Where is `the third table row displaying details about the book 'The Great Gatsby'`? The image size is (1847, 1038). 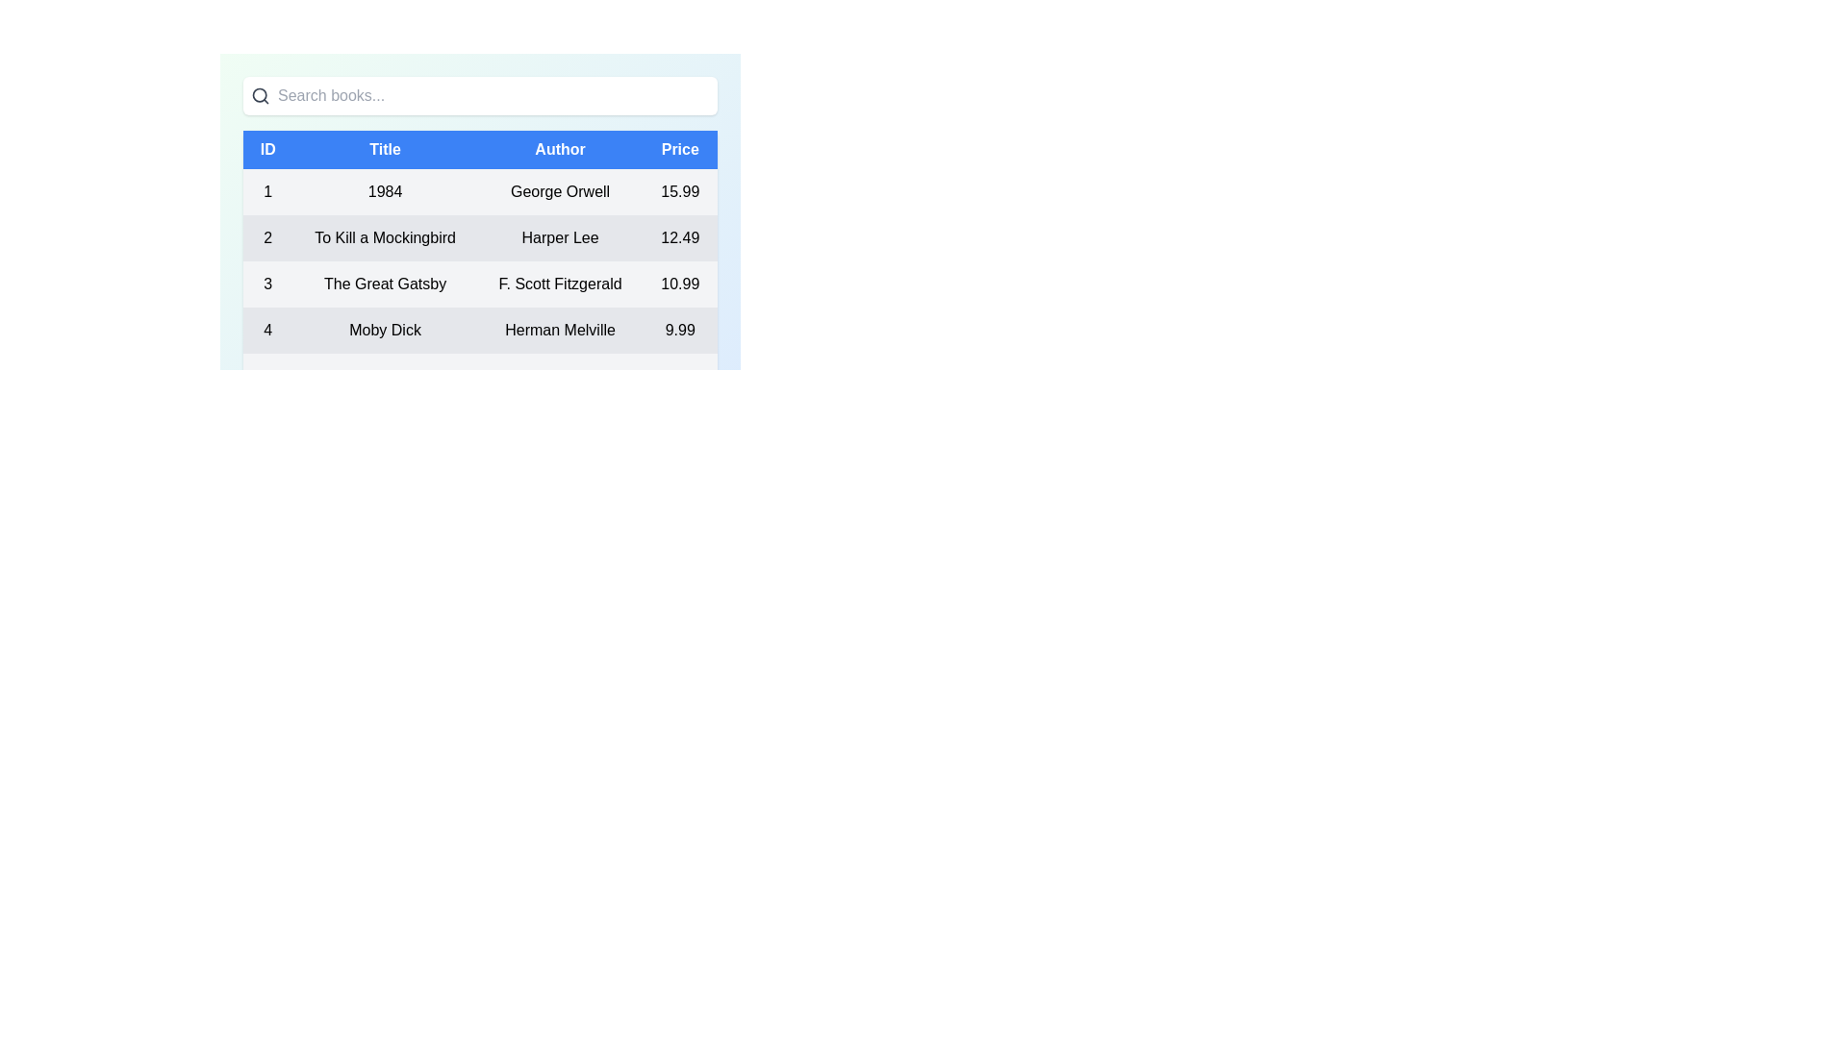 the third table row displaying details about the book 'The Great Gatsby' is located at coordinates (480, 284).